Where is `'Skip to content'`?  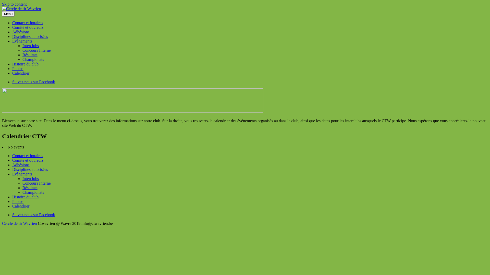 'Skip to content' is located at coordinates (14, 4).